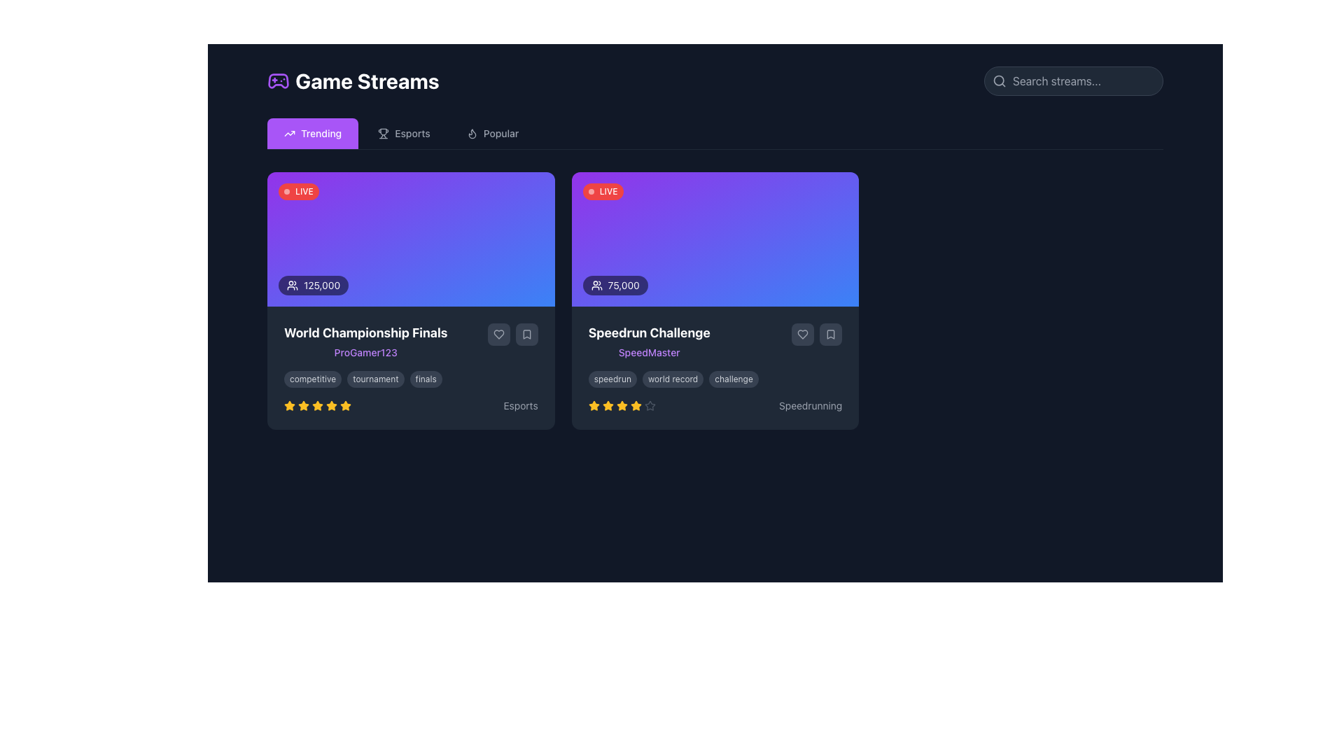 The image size is (1344, 756). I want to click on the third tag element in the horizontal list, located within the 'Speedrun Challenge' card, so click(733, 379).